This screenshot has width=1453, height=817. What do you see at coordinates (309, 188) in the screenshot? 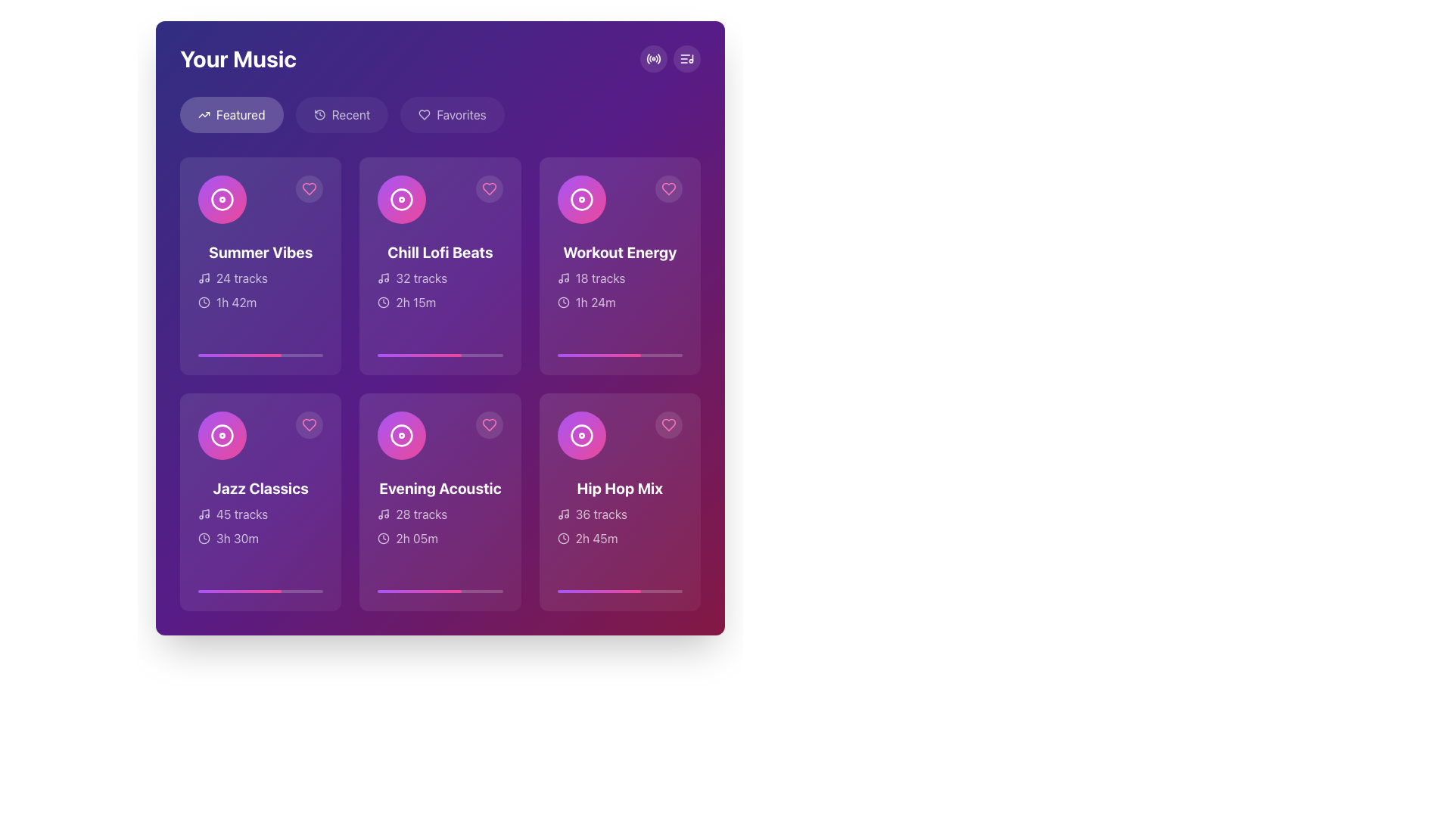
I see `the 'like' button located in the top-right corner of the 'Summer Vibes' music card under the 'Featured' tab` at bounding box center [309, 188].